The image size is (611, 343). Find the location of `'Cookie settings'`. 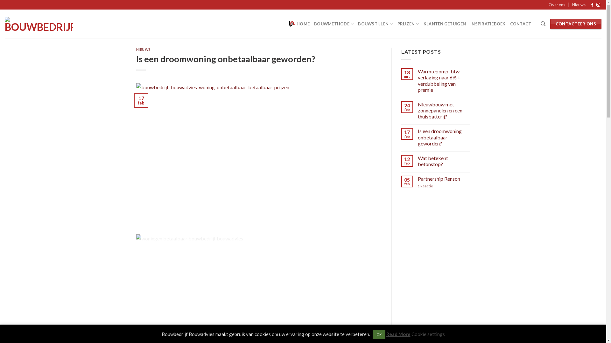

'Cookie settings' is located at coordinates (428, 334).